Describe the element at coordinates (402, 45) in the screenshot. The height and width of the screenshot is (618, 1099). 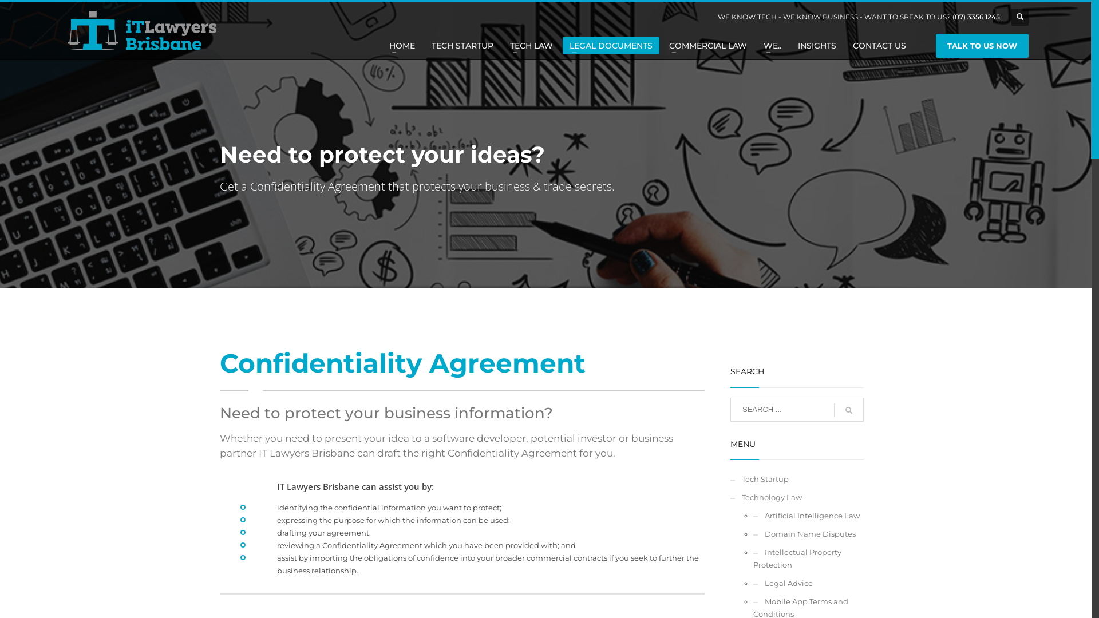
I see `'HOME'` at that location.